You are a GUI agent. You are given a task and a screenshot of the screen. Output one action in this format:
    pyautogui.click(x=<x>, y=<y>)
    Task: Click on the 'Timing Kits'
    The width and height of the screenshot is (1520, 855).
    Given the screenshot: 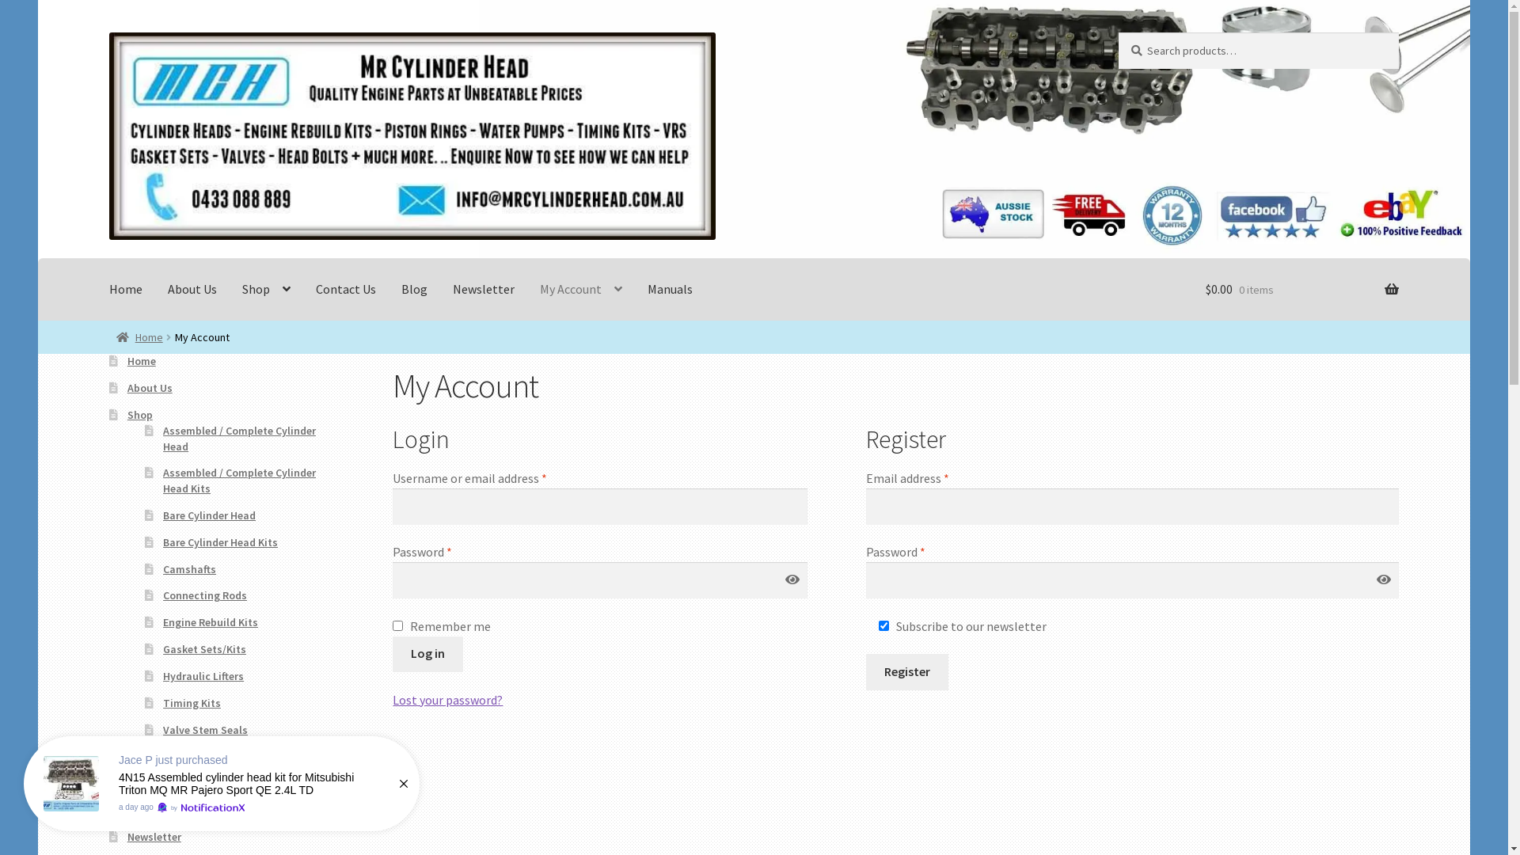 What is the action you would take?
    pyautogui.click(x=163, y=701)
    